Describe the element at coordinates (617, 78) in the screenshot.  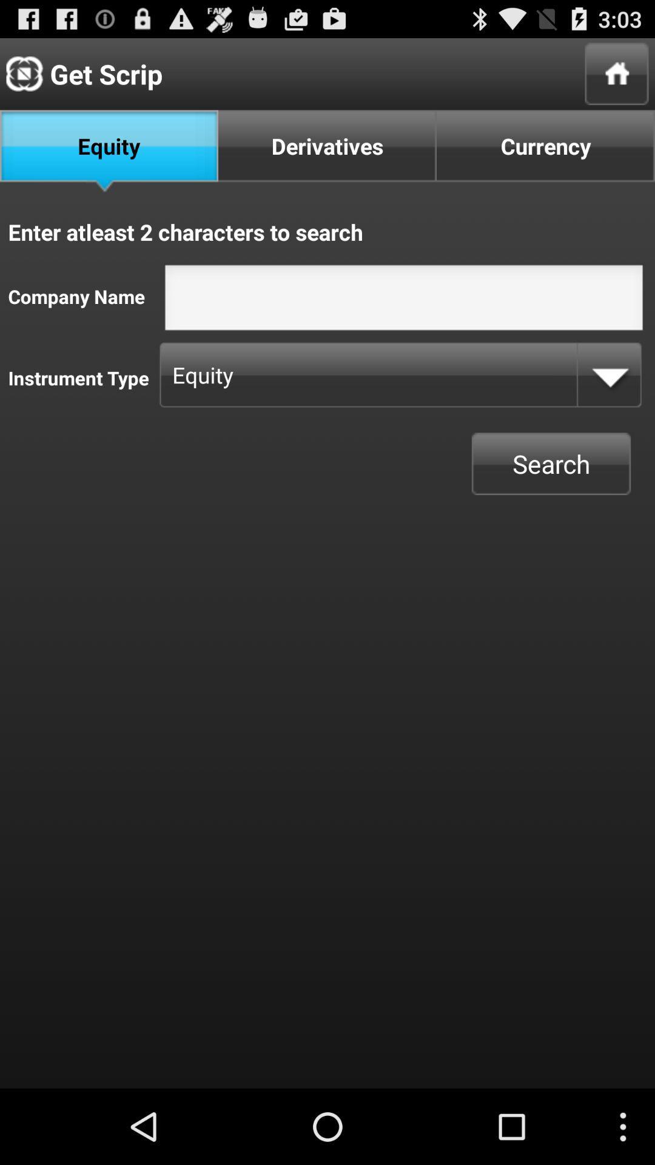
I see `the home icon` at that location.